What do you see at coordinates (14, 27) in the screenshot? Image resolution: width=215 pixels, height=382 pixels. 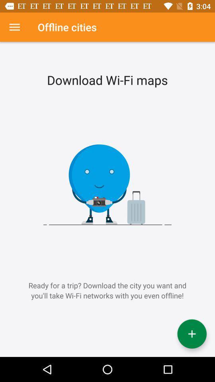 I see `menu` at bounding box center [14, 27].